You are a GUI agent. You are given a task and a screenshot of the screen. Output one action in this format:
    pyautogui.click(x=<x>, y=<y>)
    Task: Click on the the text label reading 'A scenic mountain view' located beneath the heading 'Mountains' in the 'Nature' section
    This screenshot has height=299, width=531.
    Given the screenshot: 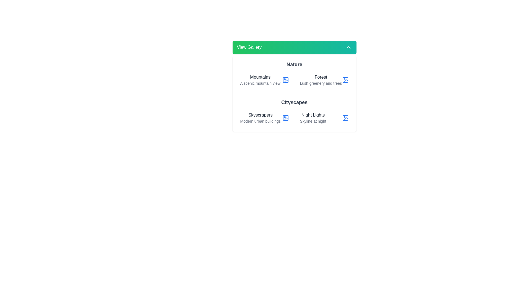 What is the action you would take?
    pyautogui.click(x=260, y=83)
    